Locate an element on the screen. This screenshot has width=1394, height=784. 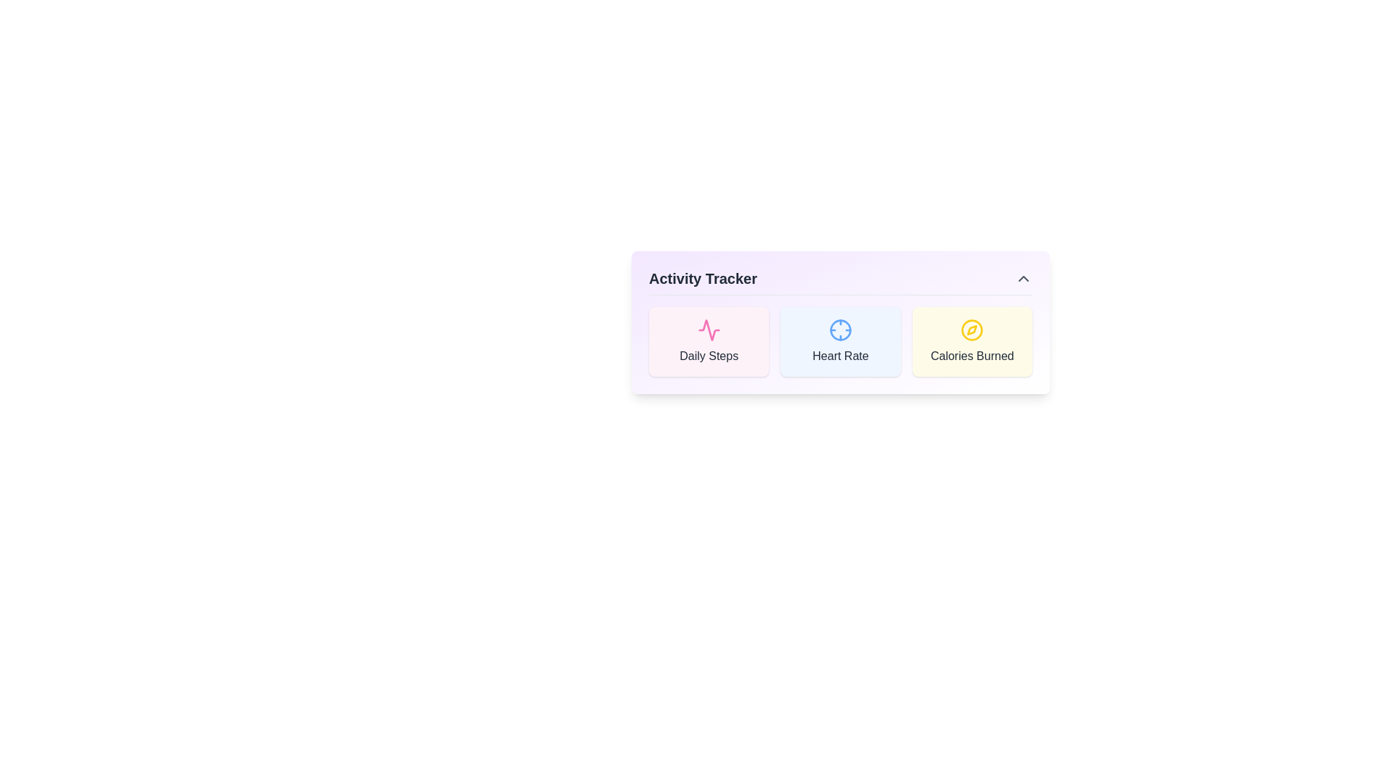
the decorative compass icon representing the 'Calories Burned' feature, located in the rightmost section of the activity tracker is located at coordinates (972, 330).